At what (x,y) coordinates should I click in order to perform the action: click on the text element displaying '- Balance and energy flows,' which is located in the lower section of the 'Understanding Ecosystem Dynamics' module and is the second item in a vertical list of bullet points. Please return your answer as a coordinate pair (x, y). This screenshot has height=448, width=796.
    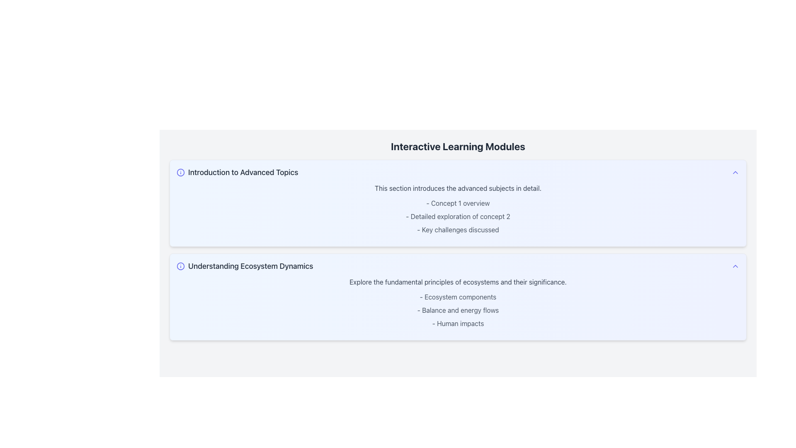
    Looking at the image, I should click on (457, 310).